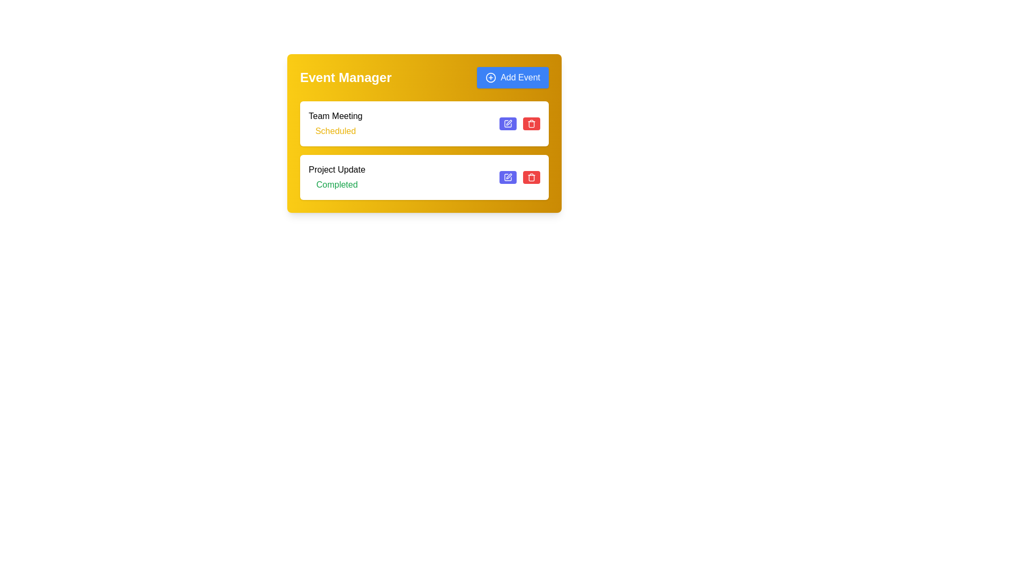 This screenshot has width=1029, height=579. I want to click on the 'Project Update' text display that shows 'Completed' in green, located in the Event Manager section below the 'Team Meeting' entry, so click(336, 177).